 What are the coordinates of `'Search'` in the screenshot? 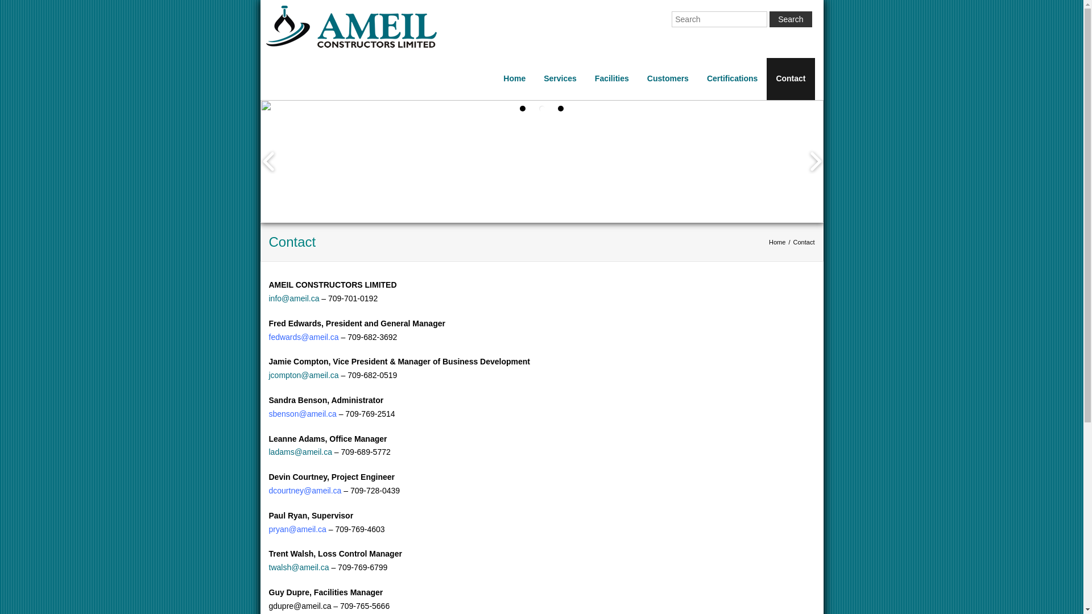 It's located at (790, 19).